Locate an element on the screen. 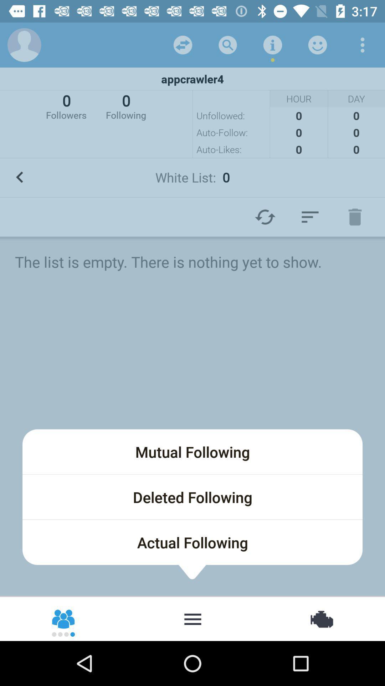 Image resolution: width=385 pixels, height=686 pixels. friends is located at coordinates (63, 618).